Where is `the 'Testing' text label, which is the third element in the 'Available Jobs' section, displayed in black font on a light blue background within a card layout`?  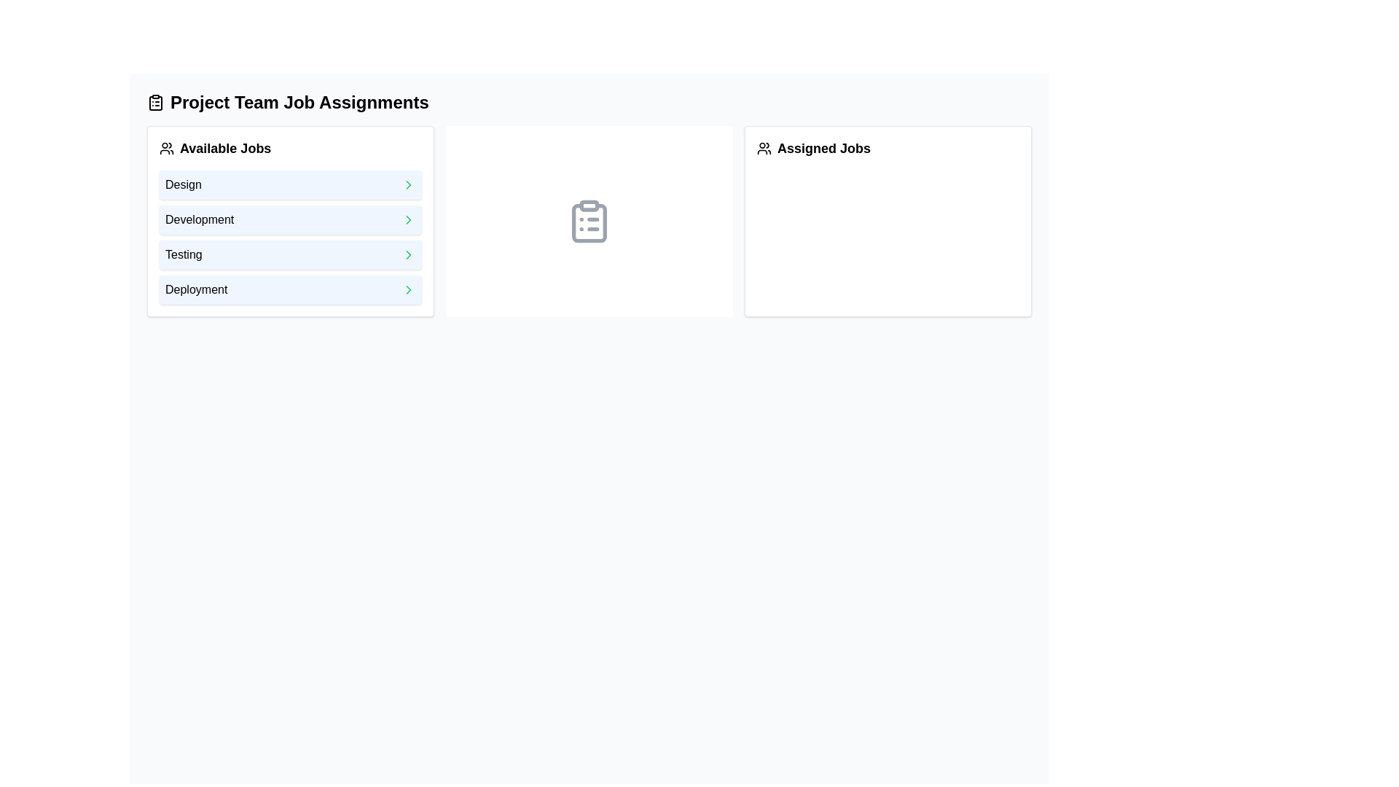
the 'Testing' text label, which is the third element in the 'Available Jobs' section, displayed in black font on a light blue background within a card layout is located at coordinates (183, 254).